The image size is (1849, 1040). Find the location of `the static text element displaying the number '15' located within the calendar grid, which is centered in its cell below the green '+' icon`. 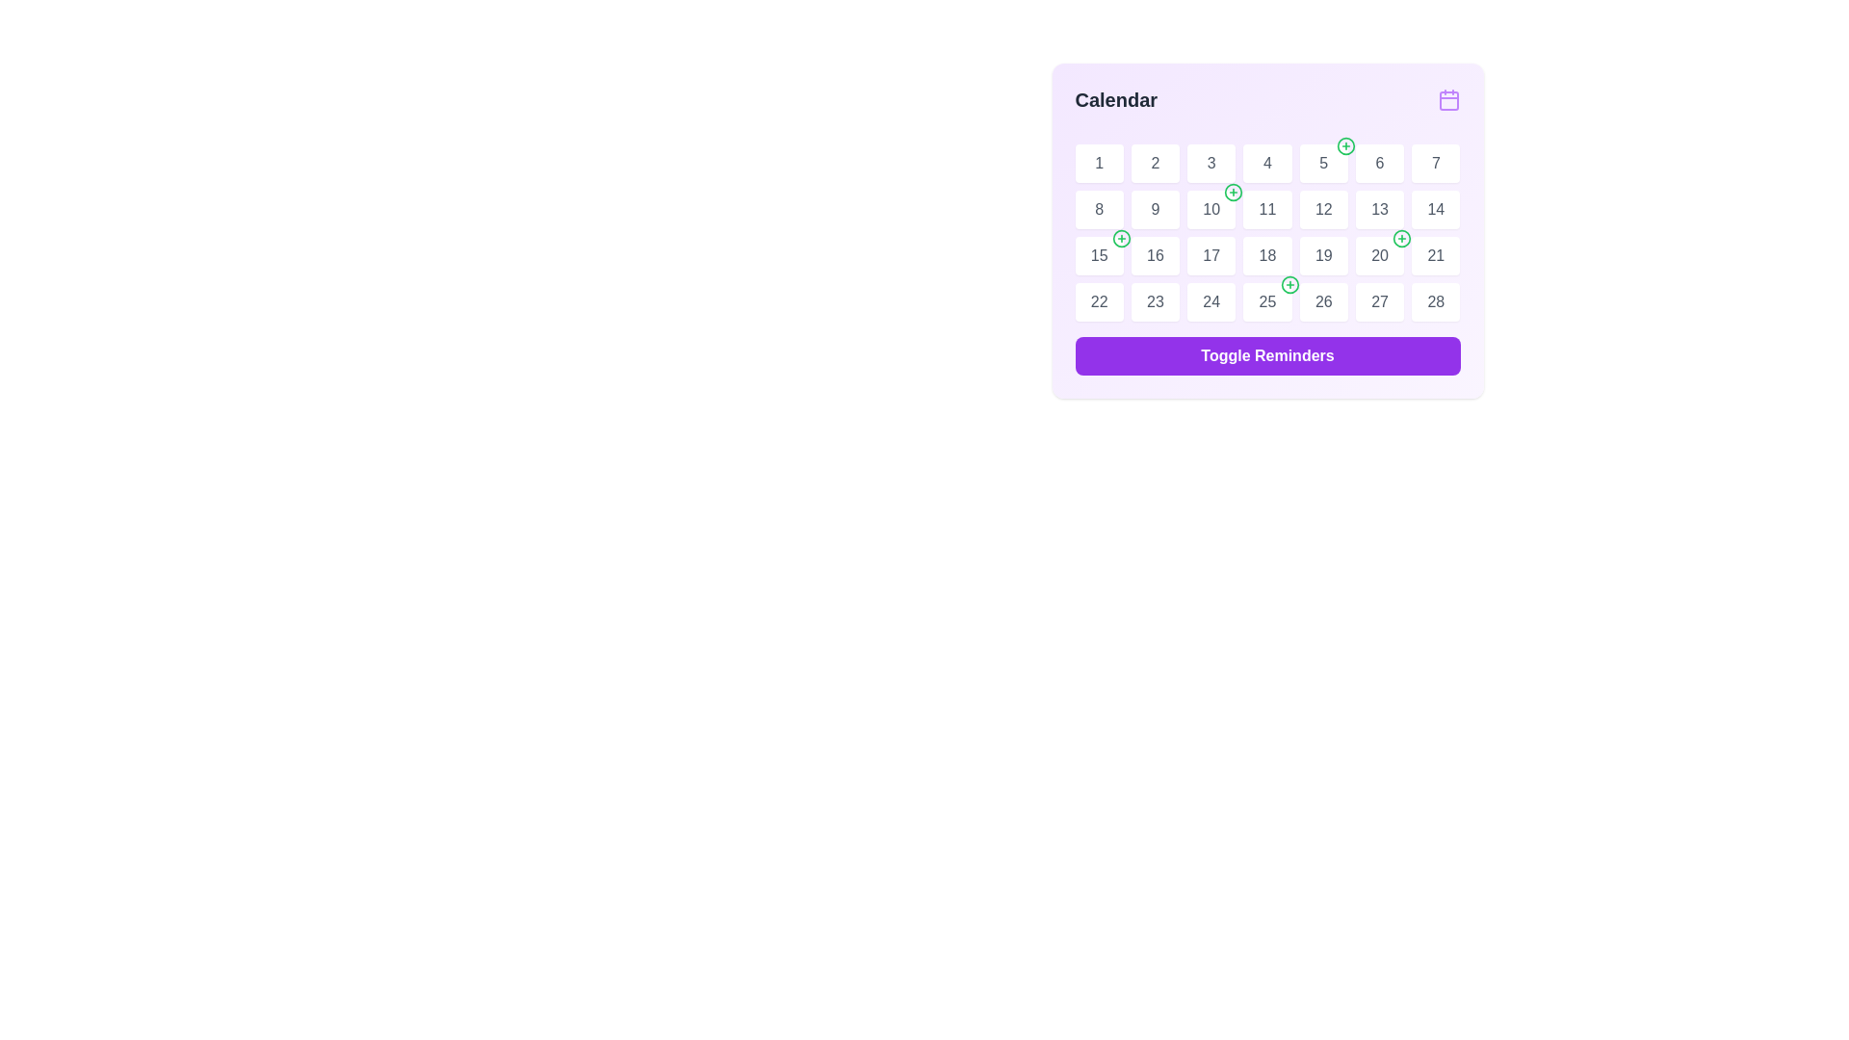

the static text element displaying the number '15' located within the calendar grid, which is centered in its cell below the green '+' icon is located at coordinates (1099, 254).